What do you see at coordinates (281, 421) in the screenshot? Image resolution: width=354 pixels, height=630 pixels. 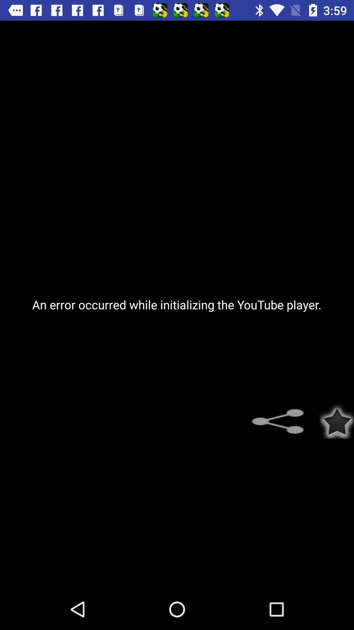 I see `the item below the an error occurred item` at bounding box center [281, 421].